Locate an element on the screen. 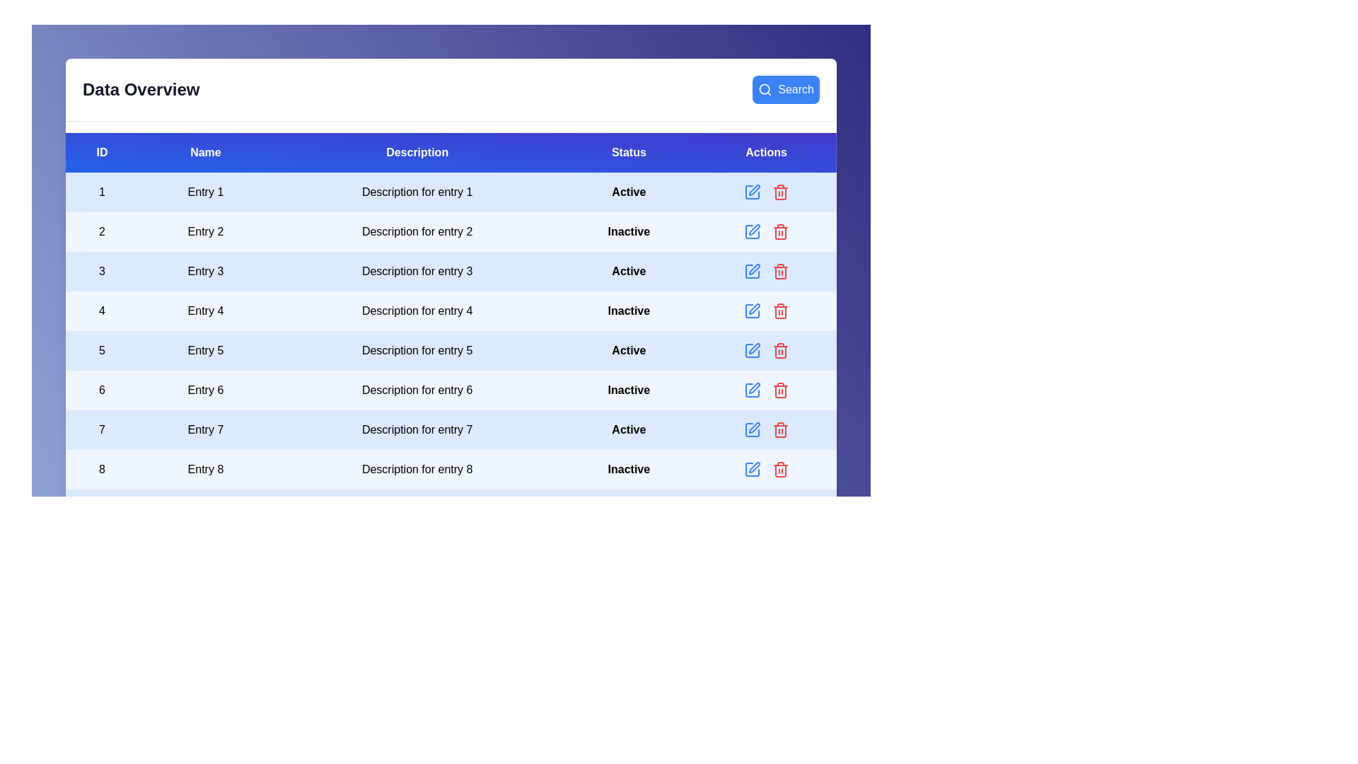 The height and width of the screenshot is (764, 1358). the header of the column 'ID' to sort it is located at coordinates (101, 153).